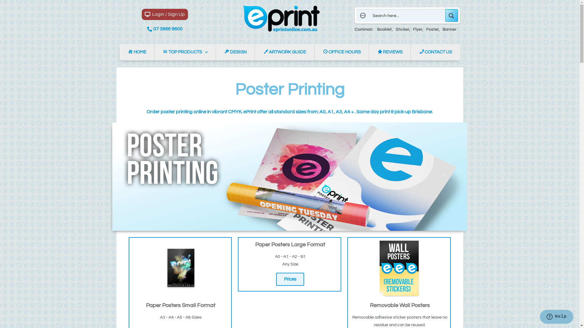 This screenshot has height=328, width=584. Describe the element at coordinates (136, 52) in the screenshot. I see `'HOME'` at that location.